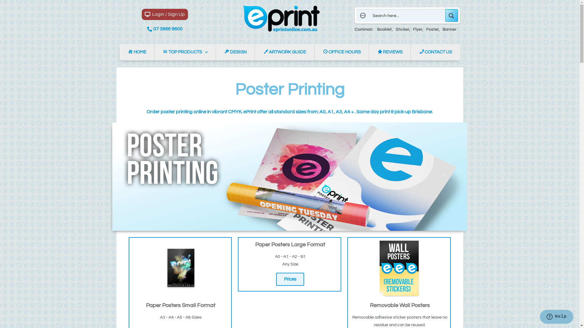 This screenshot has height=328, width=584. Describe the element at coordinates (136, 52) in the screenshot. I see `'HOME'` at that location.